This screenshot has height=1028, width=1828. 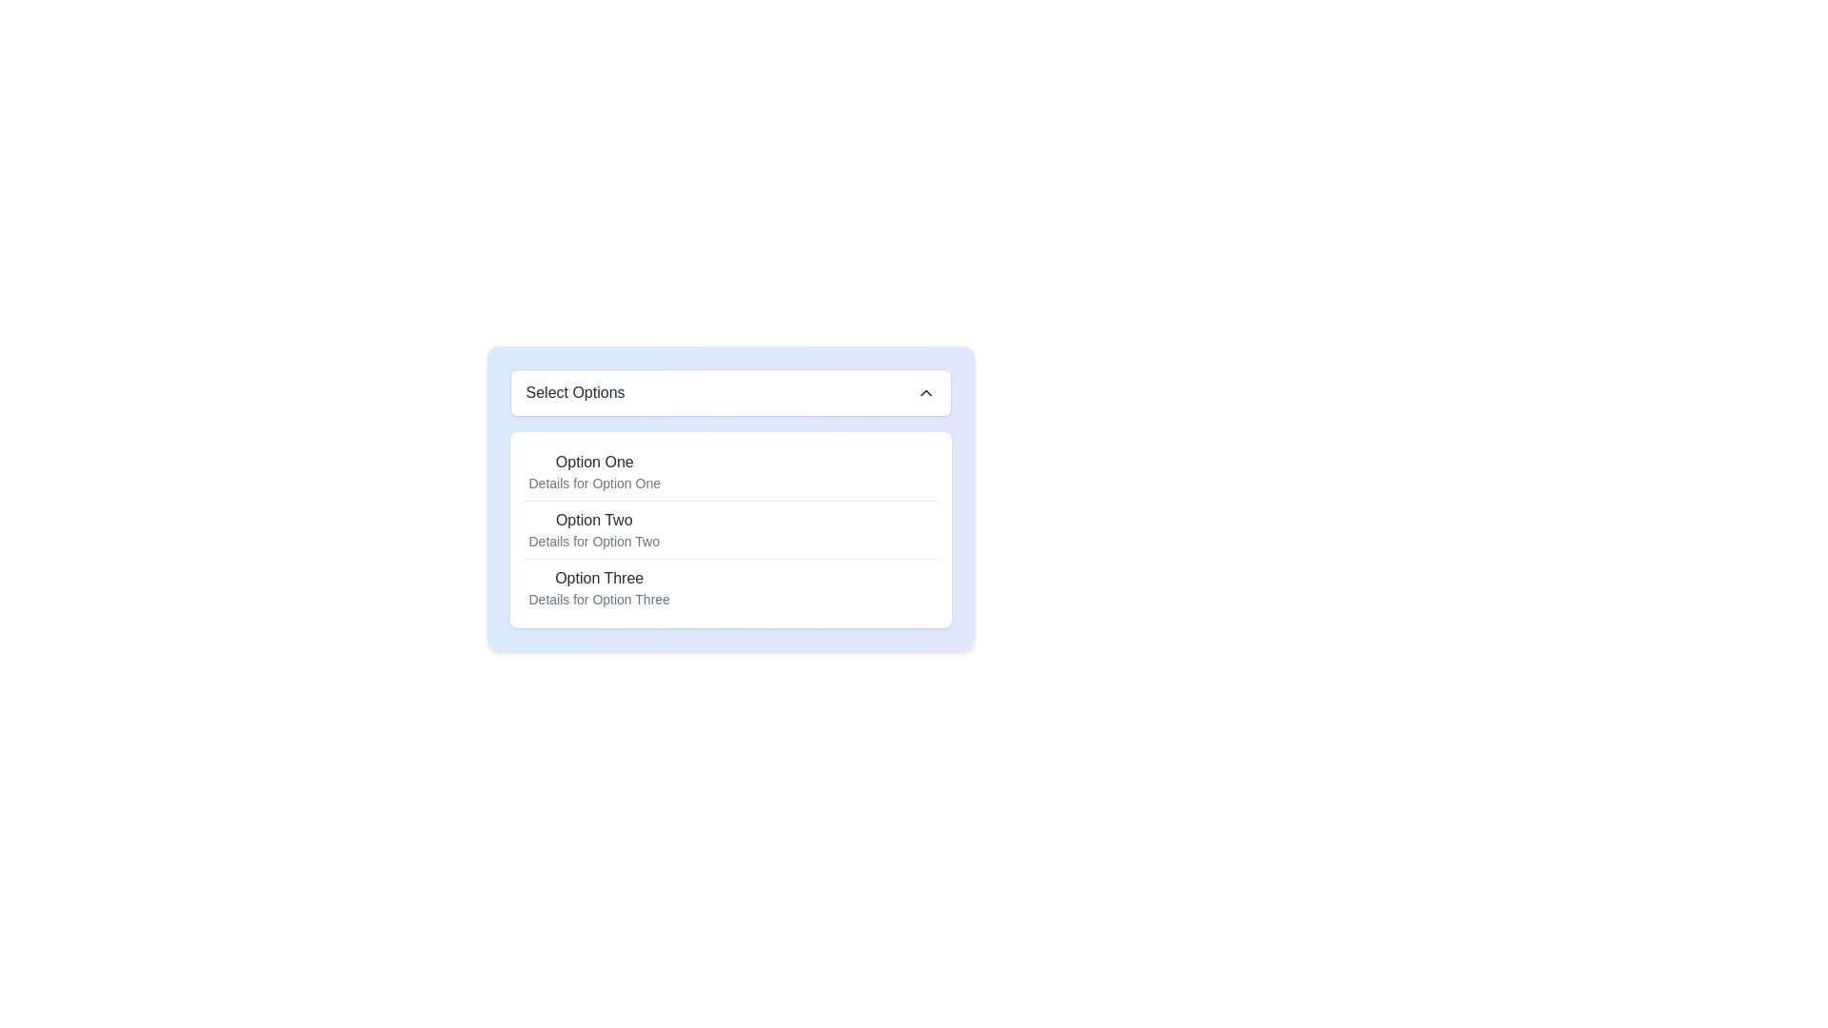 I want to click on to select 'Option Two' from the dropdown menu, which is the second item in the list between 'Option One' and 'Option Three', so click(x=729, y=529).